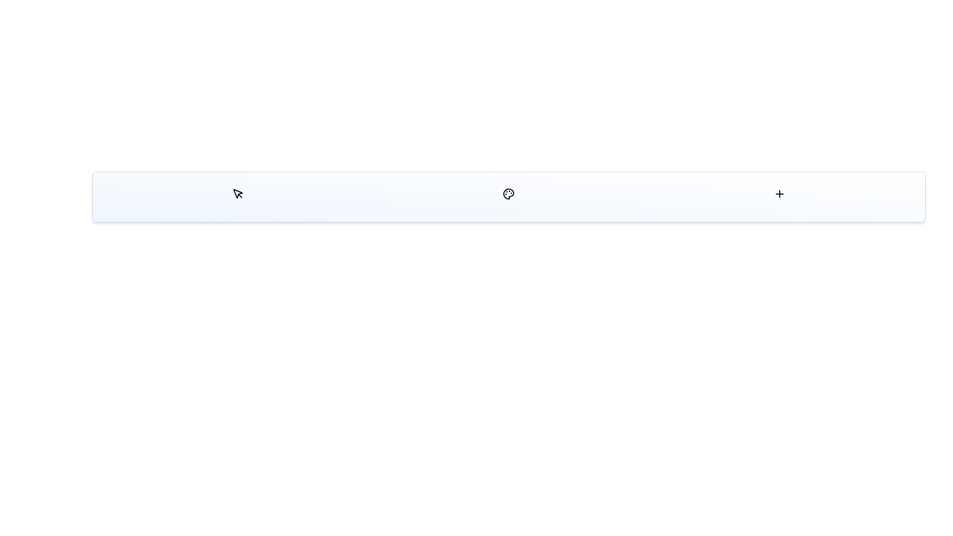  Describe the element at coordinates (509, 194) in the screenshot. I see `the toggle button with 1 to inspect its tooltip` at that location.